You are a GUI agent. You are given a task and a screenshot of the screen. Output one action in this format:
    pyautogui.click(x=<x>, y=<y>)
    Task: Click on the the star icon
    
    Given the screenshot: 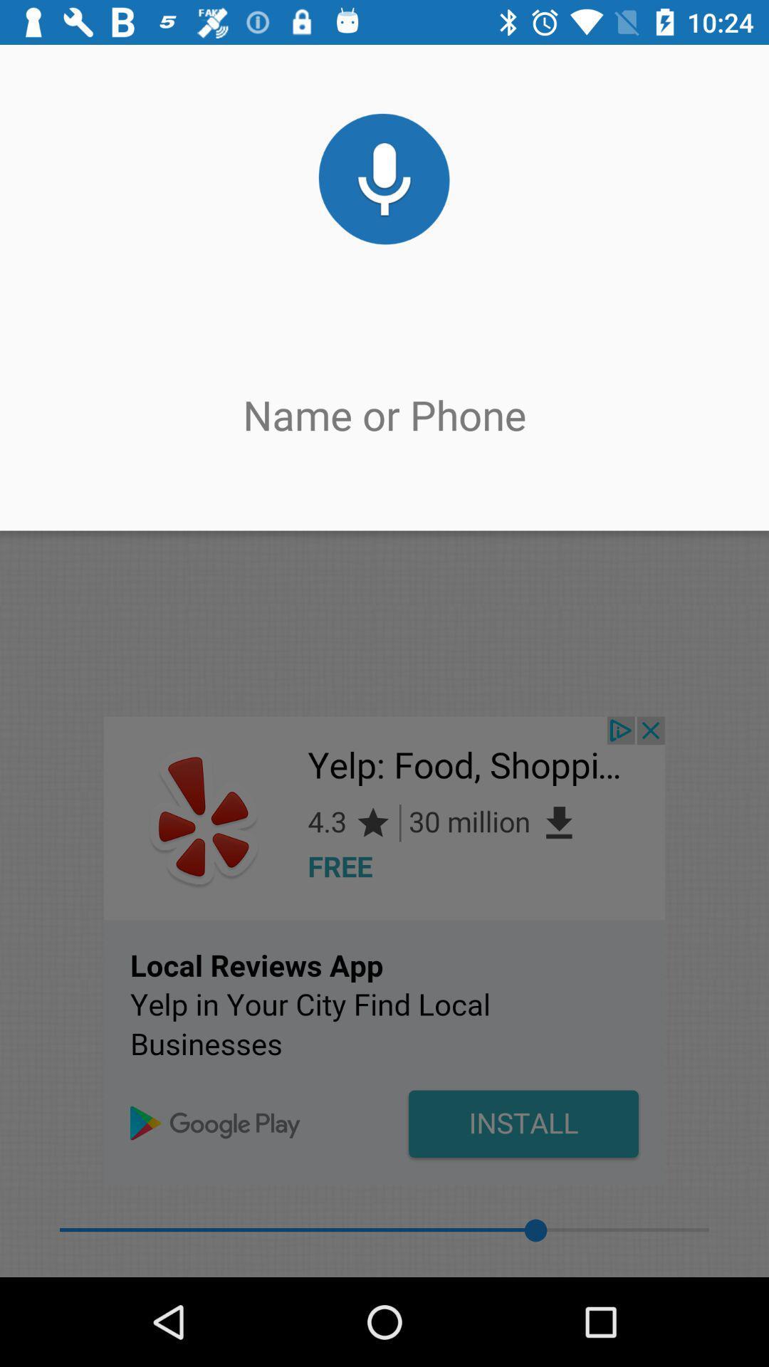 What is the action you would take?
    pyautogui.click(x=471, y=96)
    